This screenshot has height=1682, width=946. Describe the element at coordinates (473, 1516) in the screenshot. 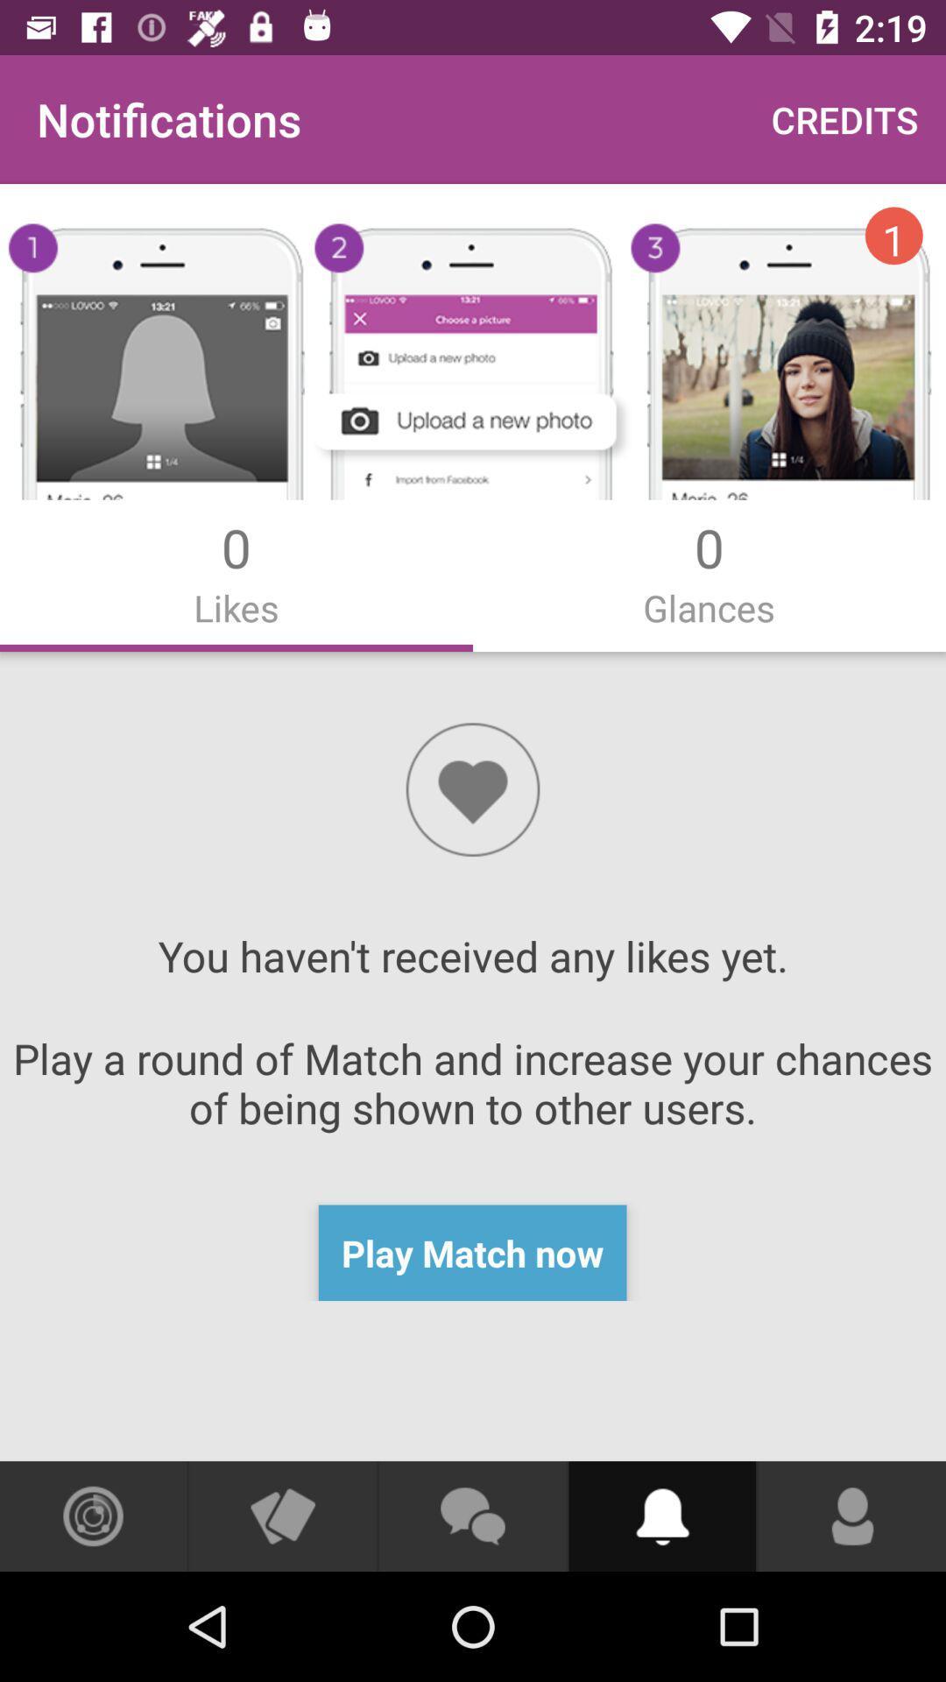

I see `the chat icon at the bottom of the page` at that location.